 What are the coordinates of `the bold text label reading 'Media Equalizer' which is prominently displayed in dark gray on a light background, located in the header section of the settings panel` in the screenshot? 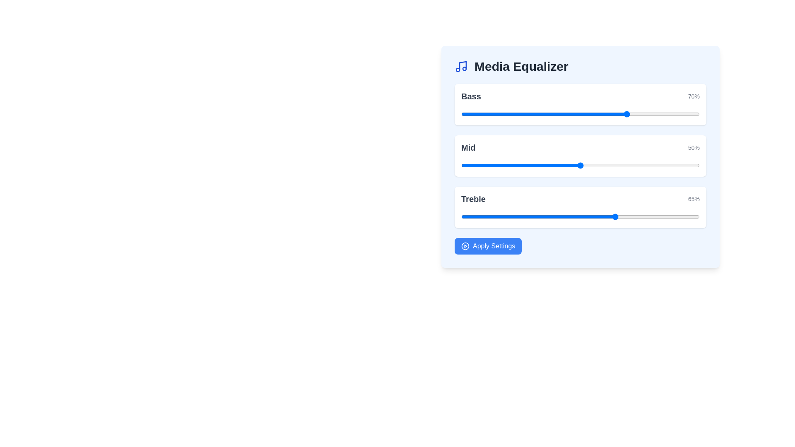 It's located at (521, 66).